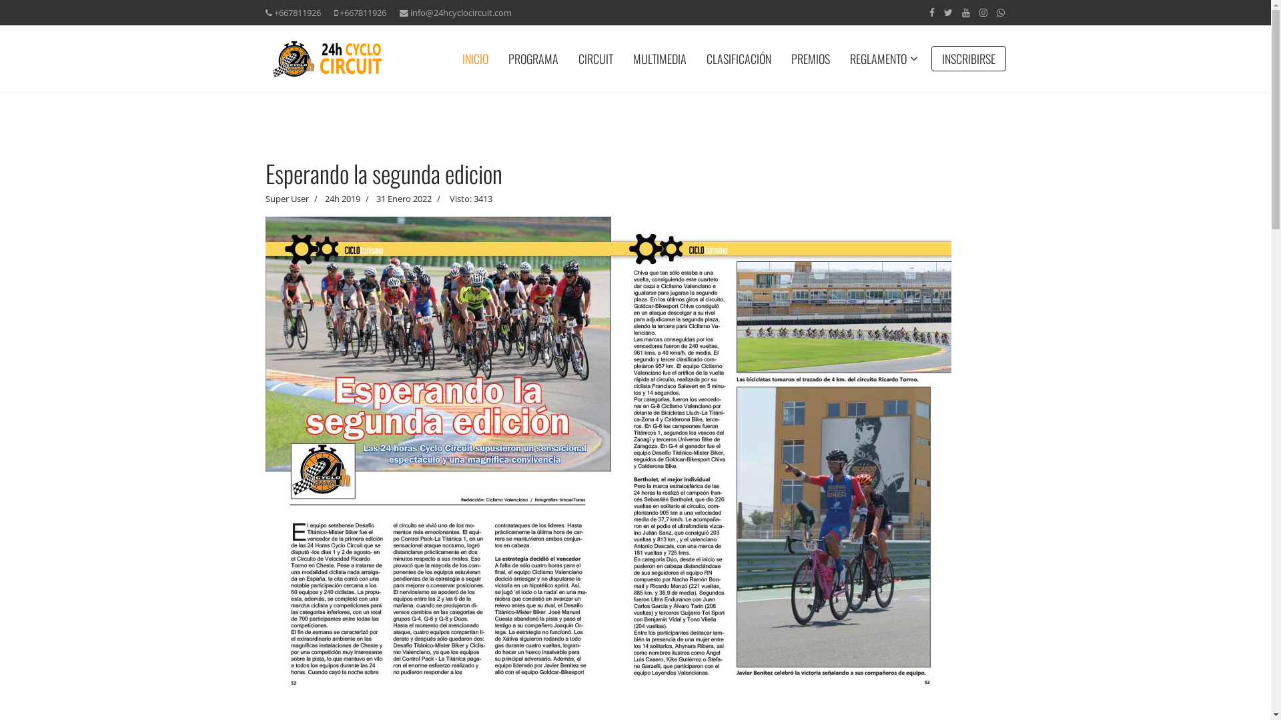 This screenshot has height=720, width=1281. Describe the element at coordinates (622, 58) in the screenshot. I see `'MULTIMEDIA'` at that location.